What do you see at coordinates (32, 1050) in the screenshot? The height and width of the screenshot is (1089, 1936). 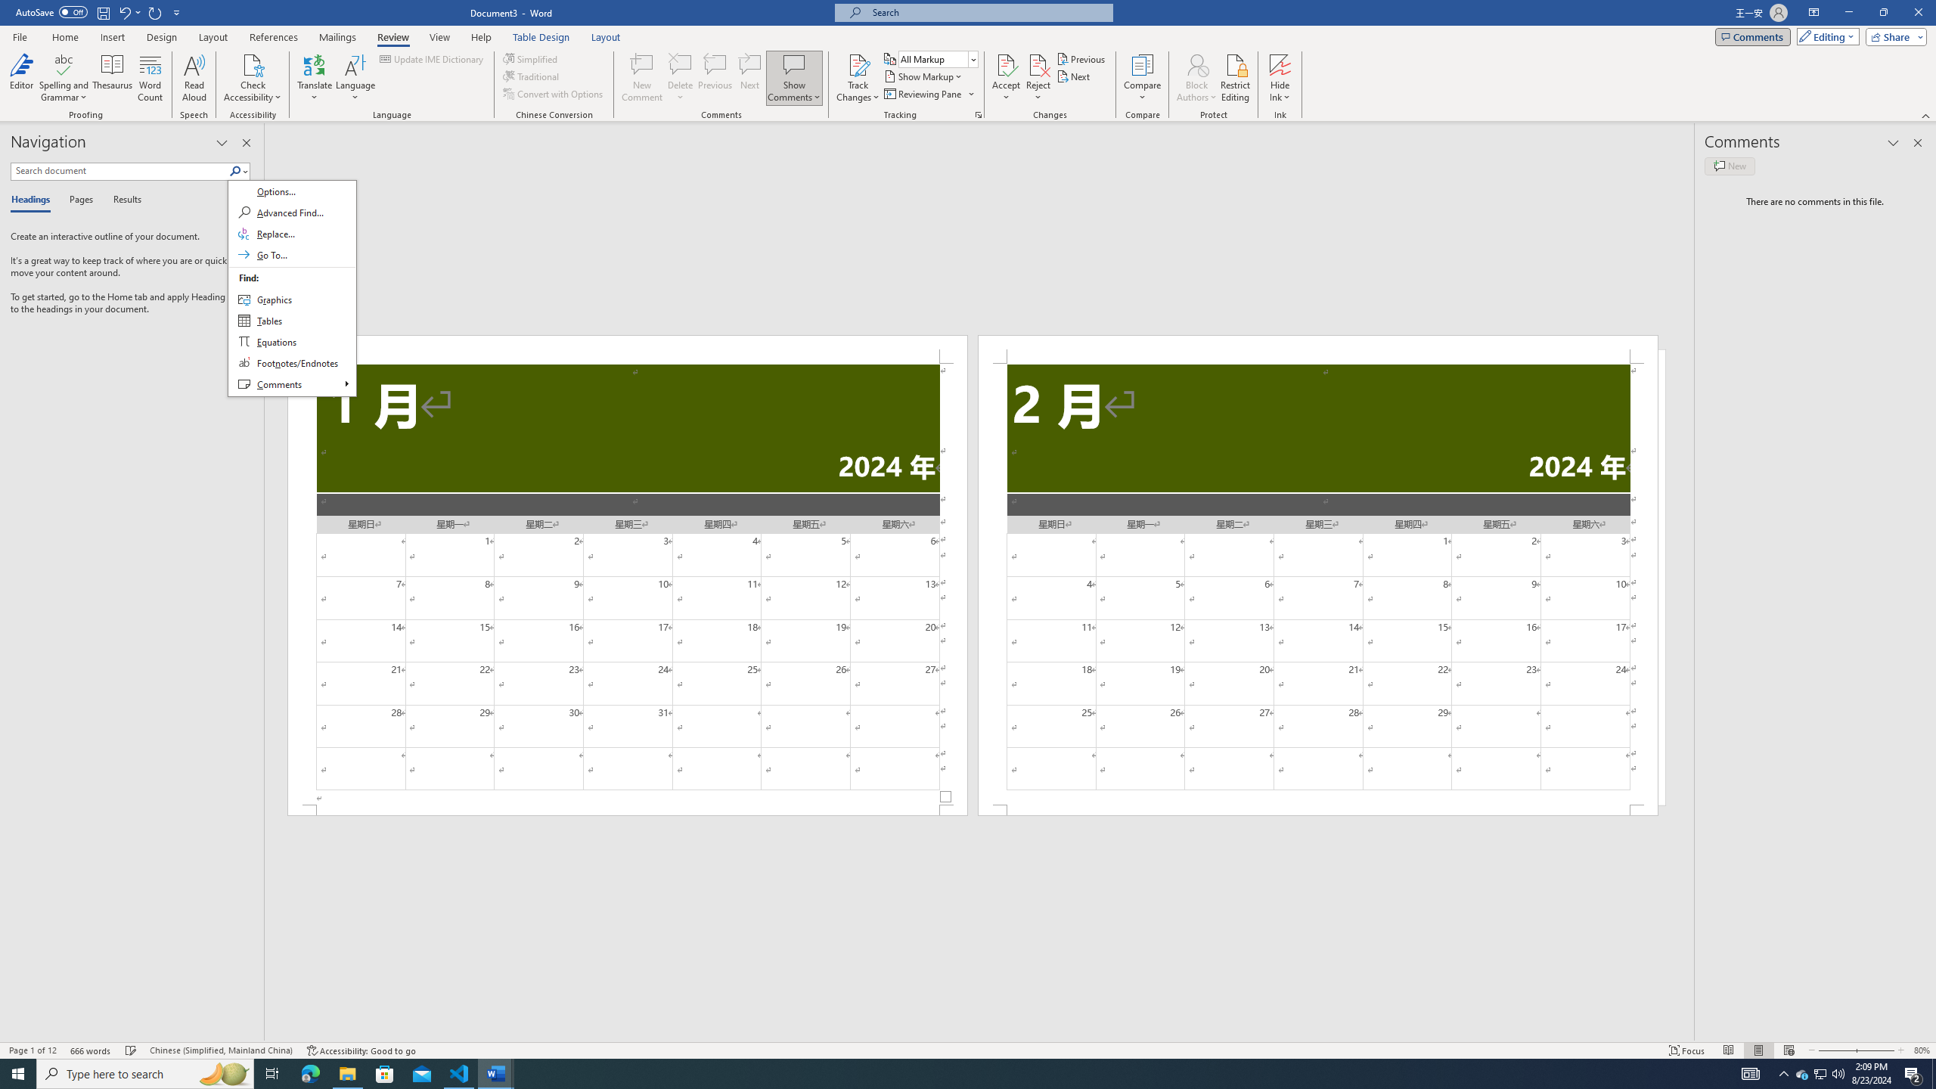 I see `'Page Number Page 1 of 12'` at bounding box center [32, 1050].